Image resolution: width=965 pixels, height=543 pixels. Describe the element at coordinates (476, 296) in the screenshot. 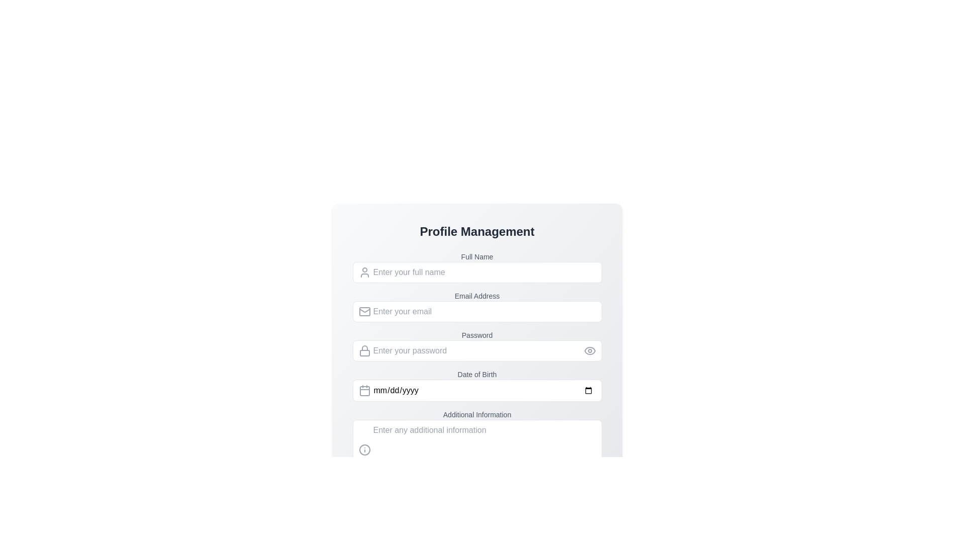

I see `the 'Email Address' label, which is styled with a gray color and positioned above the input box in the form layout` at that location.